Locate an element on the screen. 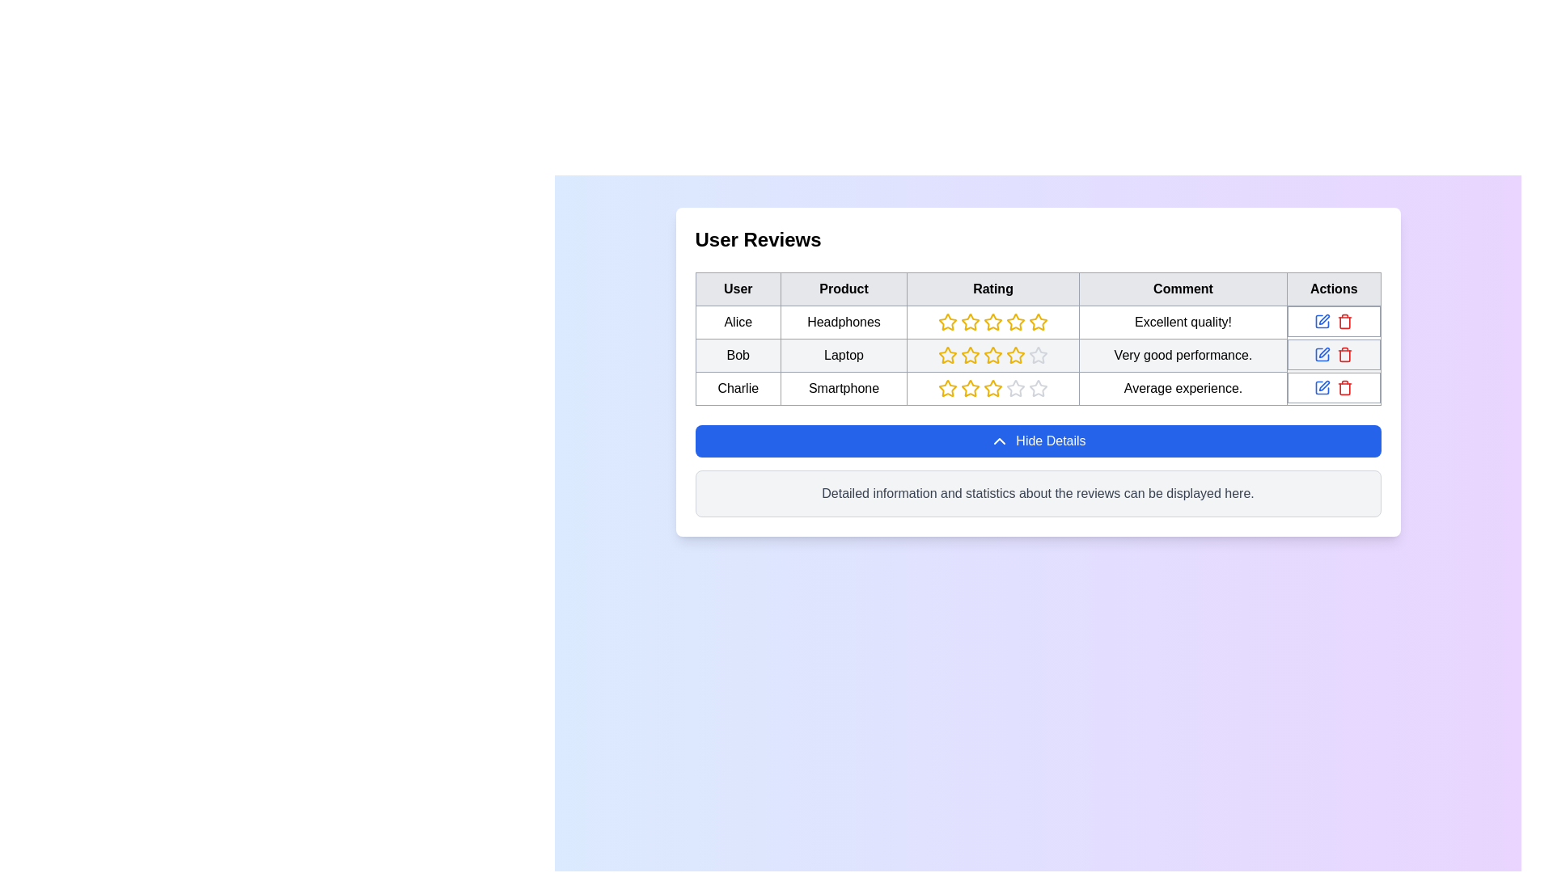 The width and height of the screenshot is (1553, 873). the star icon in the 'Rating' column of the 'User Reviews' table for the 'Bob' user entry to rate it is located at coordinates (992, 354).